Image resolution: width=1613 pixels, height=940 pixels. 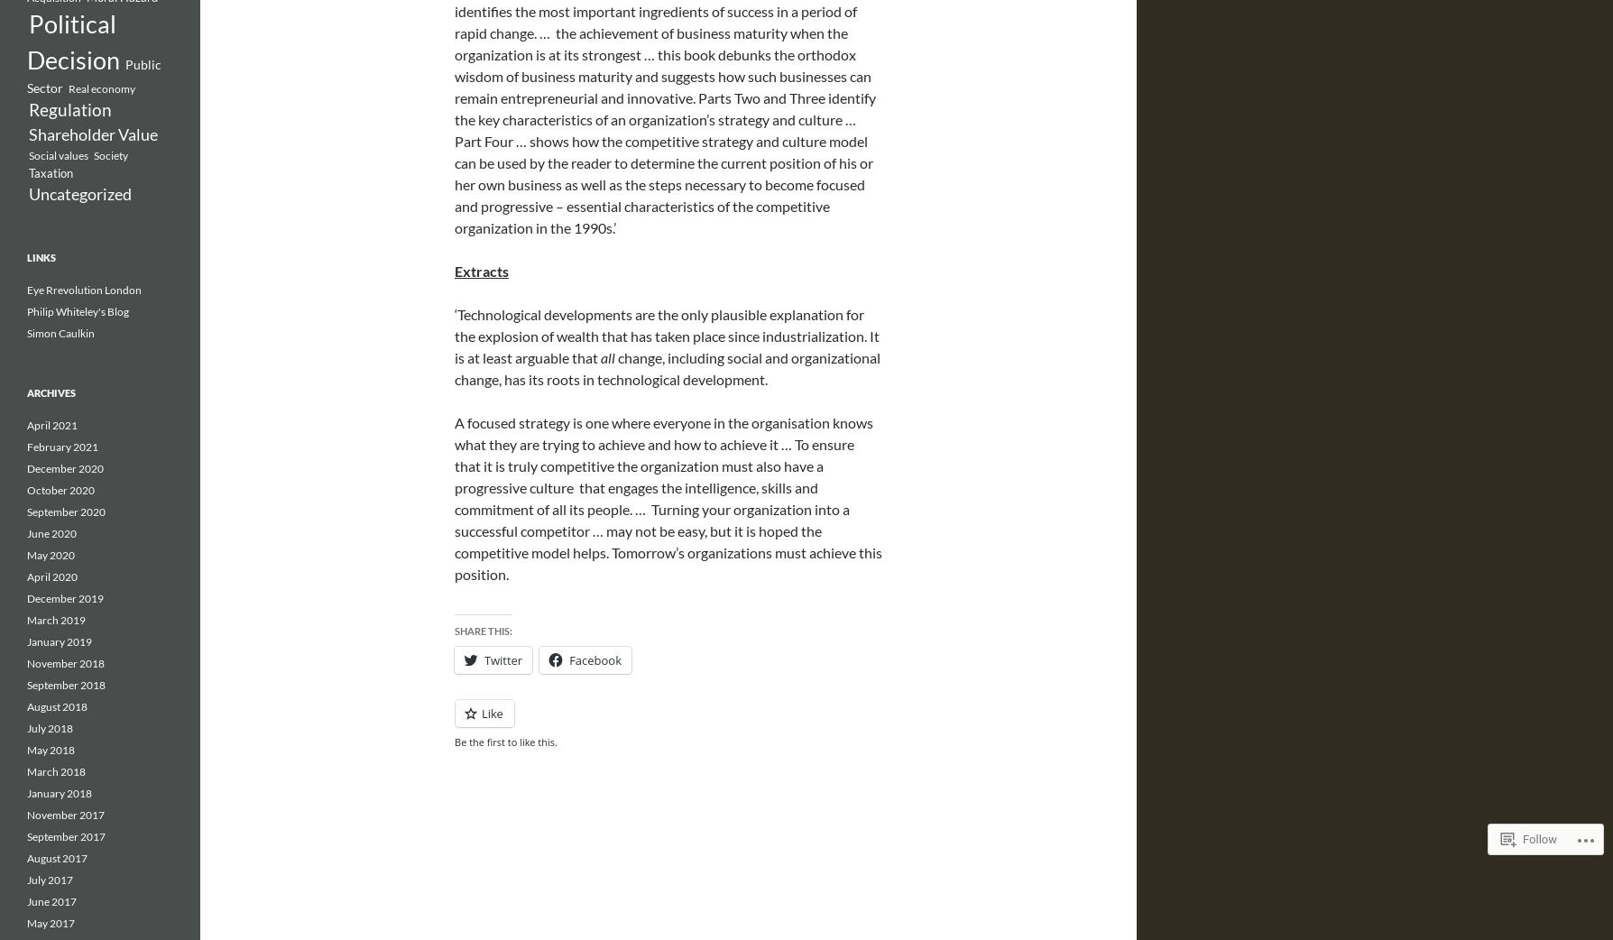 I want to click on 'Philip Whiteley's Blog', so click(x=78, y=311).